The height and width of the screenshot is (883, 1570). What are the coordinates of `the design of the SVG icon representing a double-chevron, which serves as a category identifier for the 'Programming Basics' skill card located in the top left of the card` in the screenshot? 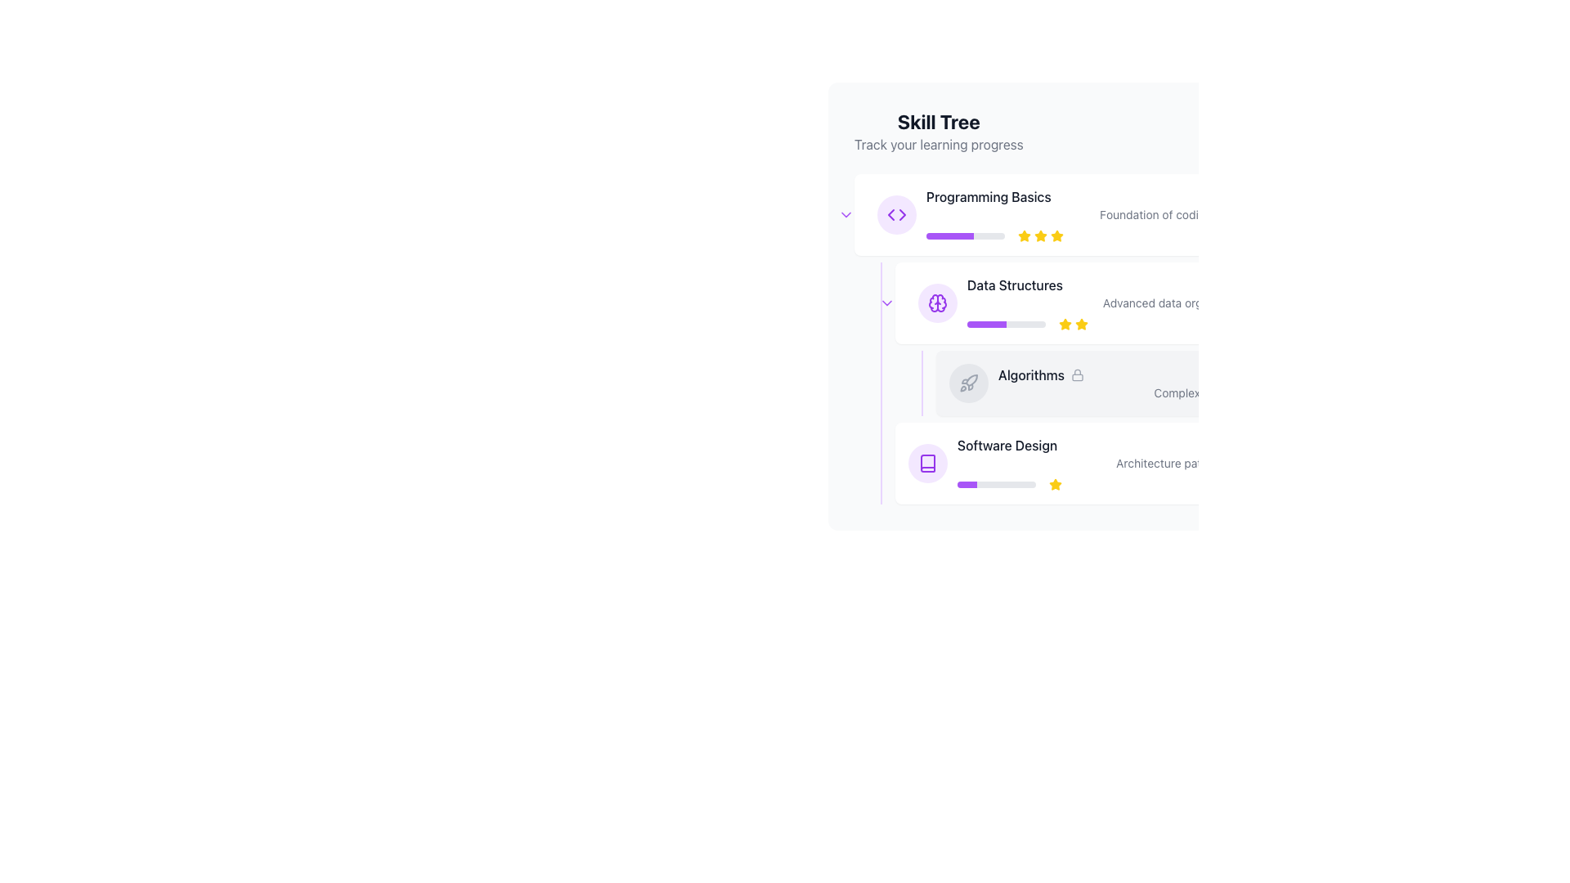 It's located at (896, 213).